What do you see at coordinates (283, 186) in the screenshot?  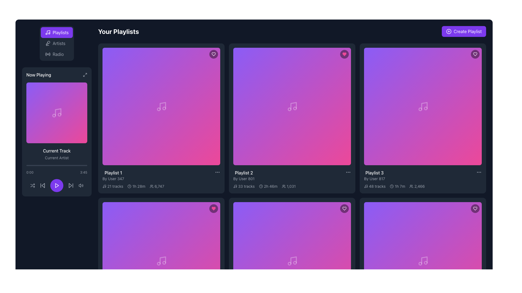 I see `the user/listener icon located in the statistics section under the 'Playlist 2' card, which is to the left of the number '1,031'` at bounding box center [283, 186].